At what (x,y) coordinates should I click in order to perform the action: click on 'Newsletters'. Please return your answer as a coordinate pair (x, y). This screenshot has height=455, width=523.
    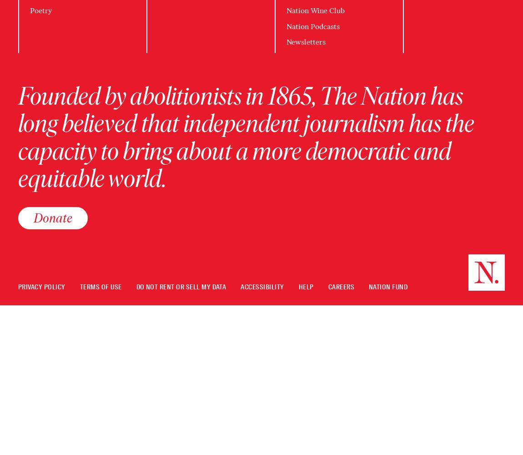
    Looking at the image, I should click on (305, 41).